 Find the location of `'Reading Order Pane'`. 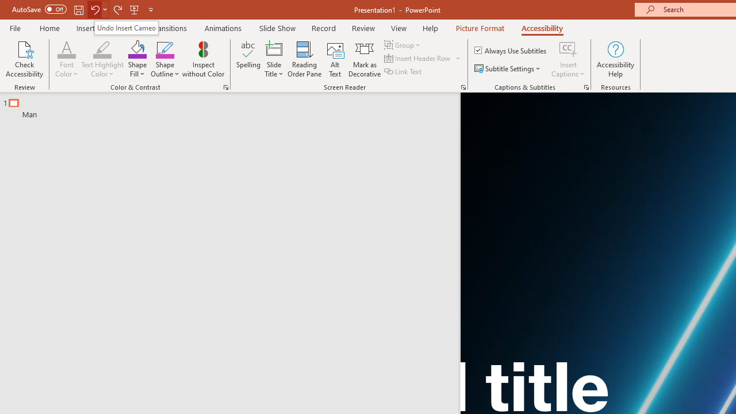

'Reading Order Pane' is located at coordinates (304, 59).